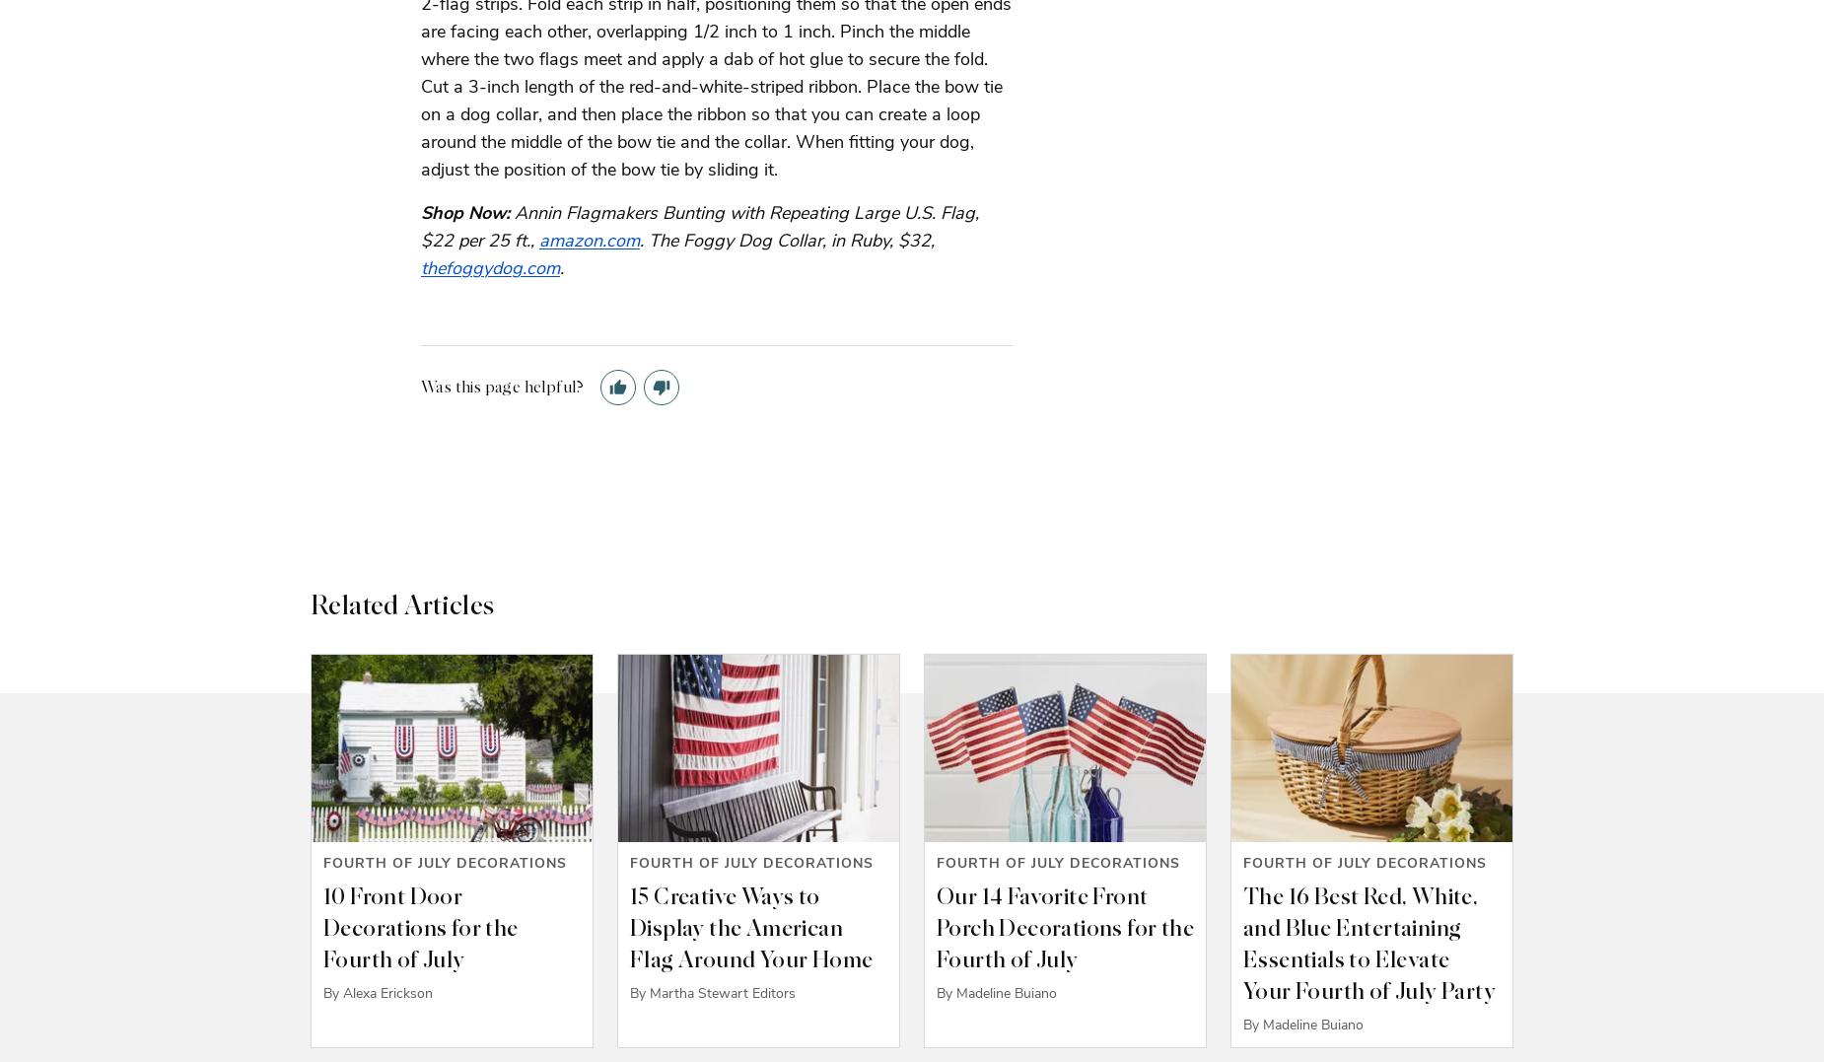  Describe the element at coordinates (419, 926) in the screenshot. I see `'10 Front Door Decorations for the Fourth of July'` at that location.